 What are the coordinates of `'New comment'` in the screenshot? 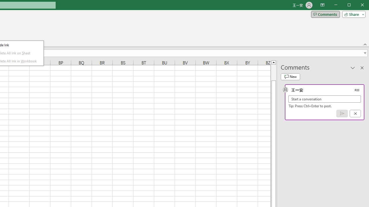 It's located at (290, 76).